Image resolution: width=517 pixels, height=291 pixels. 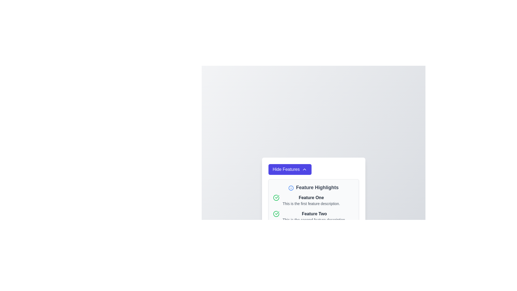 What do you see at coordinates (277, 197) in the screenshot?
I see `the green checkmark icon within a circular boundary, positioned next to the text 'Feature Two' in the feature list` at bounding box center [277, 197].